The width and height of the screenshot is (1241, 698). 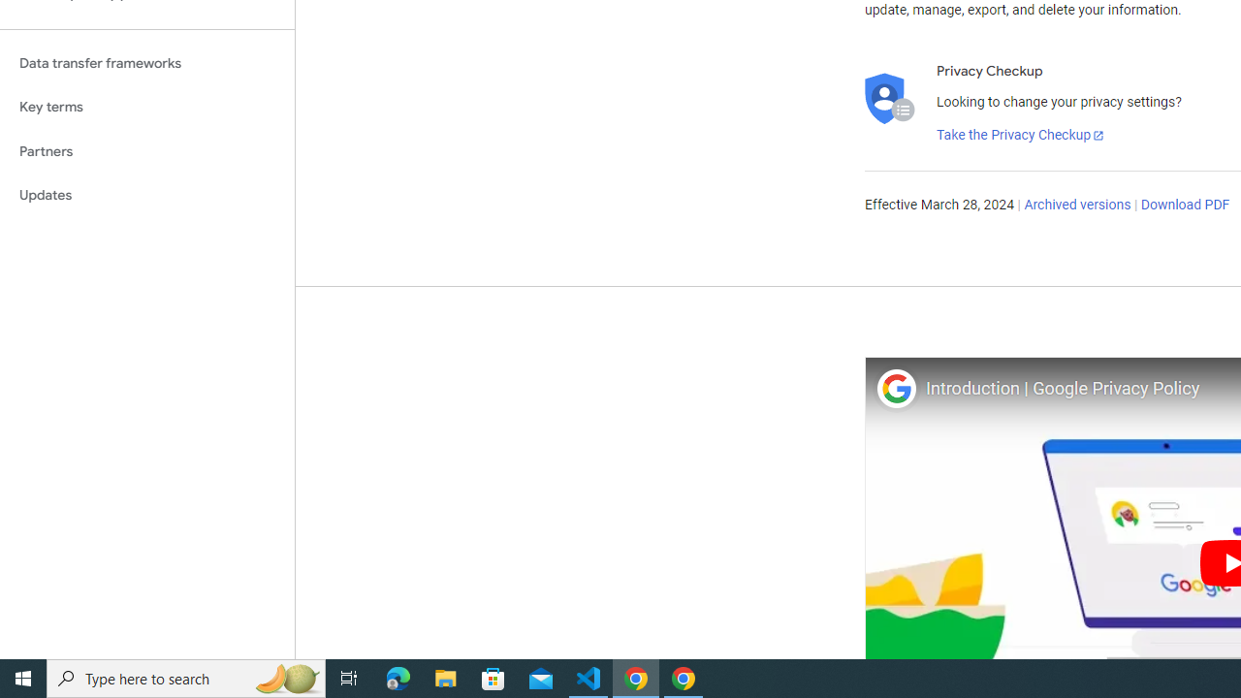 What do you see at coordinates (1076, 206) in the screenshot?
I see `'Archived versions'` at bounding box center [1076, 206].